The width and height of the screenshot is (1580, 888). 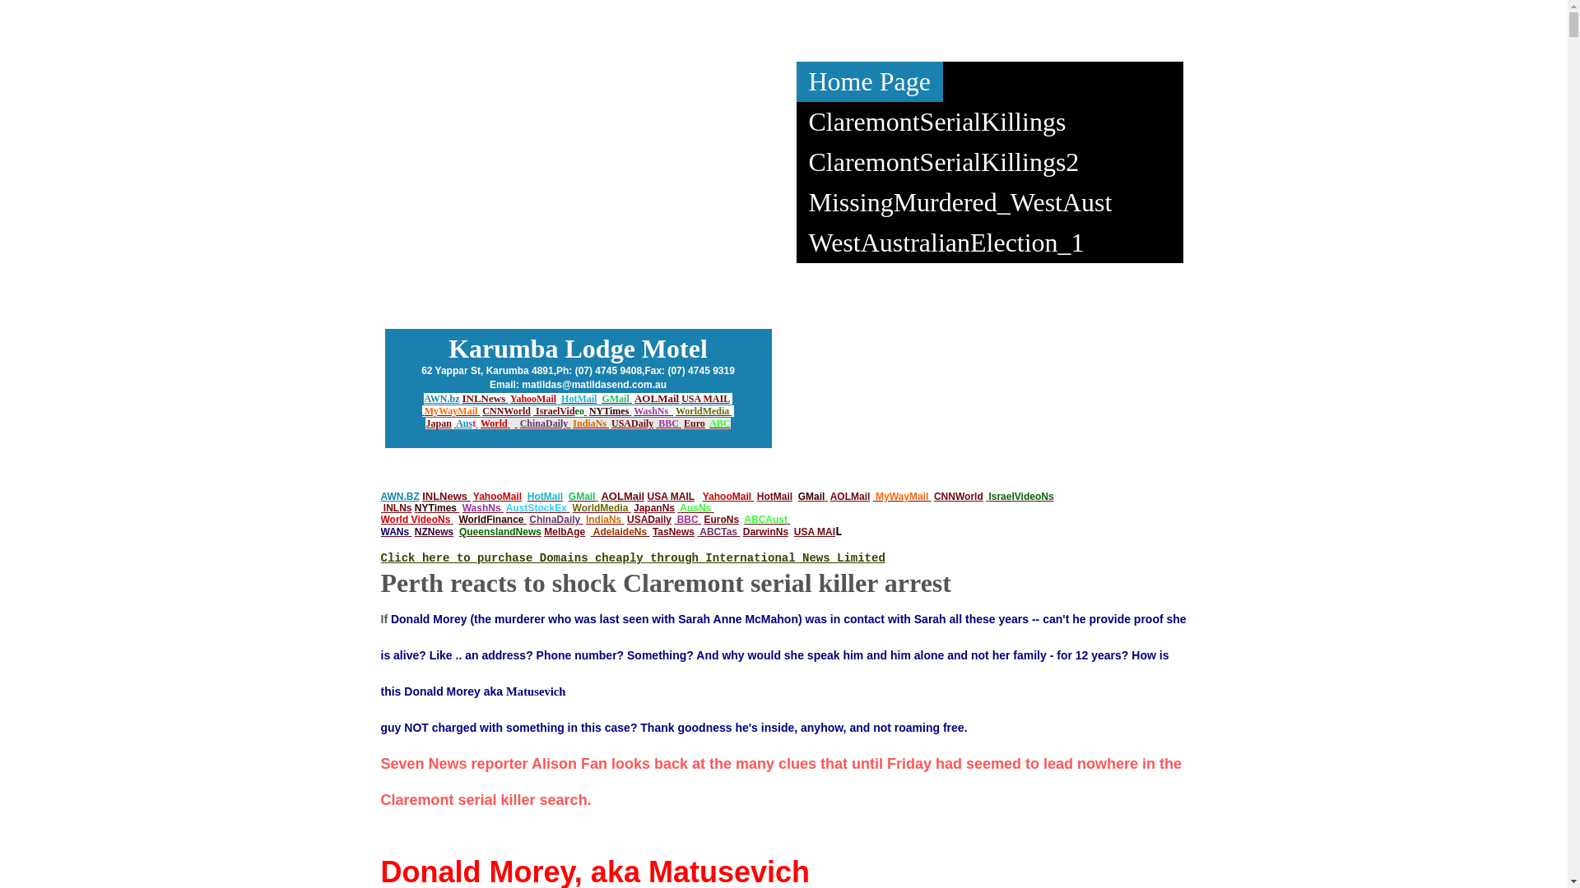 I want to click on ' ', so click(x=627, y=410).